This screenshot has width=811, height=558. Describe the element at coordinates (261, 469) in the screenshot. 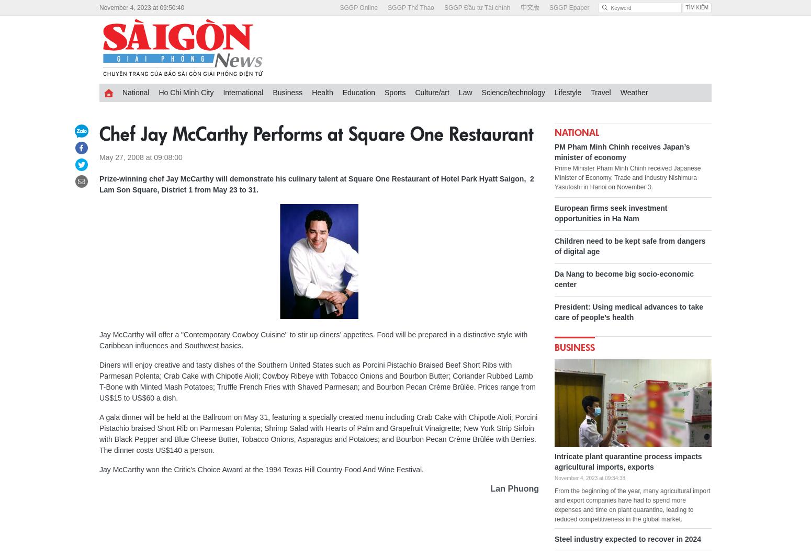

I see `'Jay McCarthy won the Critic's Choice Award at the 1994 Texas Hill Country Food And Wine Festival.'` at that location.